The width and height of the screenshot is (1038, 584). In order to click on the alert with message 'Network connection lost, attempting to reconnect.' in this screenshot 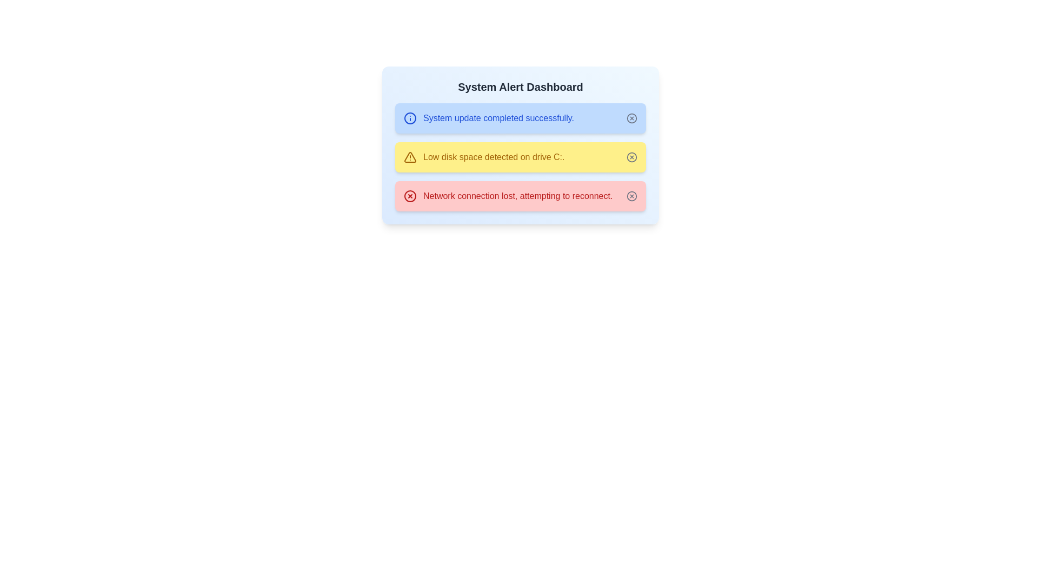, I will do `click(508, 196)`.